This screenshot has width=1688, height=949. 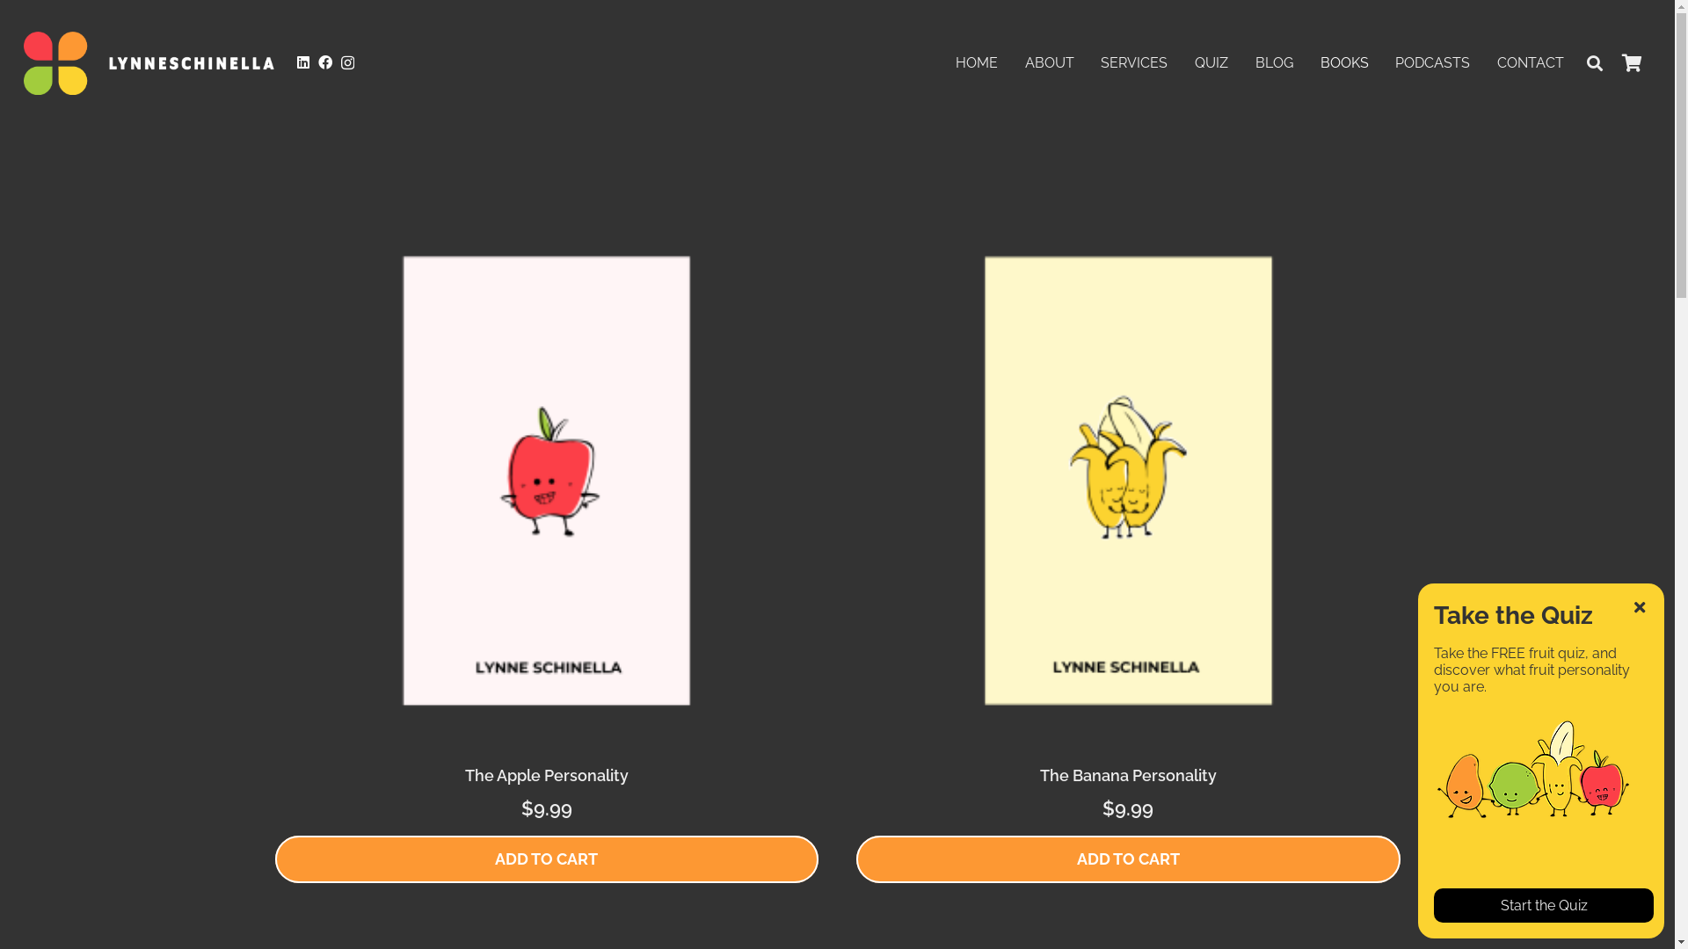 What do you see at coordinates (1127, 515) in the screenshot?
I see `'The Banana Personality` at bounding box center [1127, 515].